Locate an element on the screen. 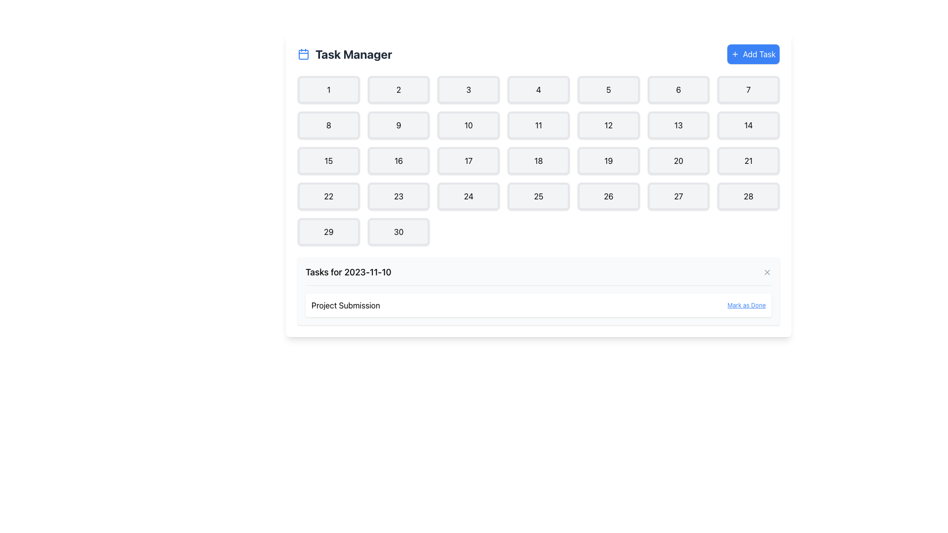 The width and height of the screenshot is (948, 533). the button displaying the number '2' in bold black font, located in the calendar grid is located at coordinates (398, 89).